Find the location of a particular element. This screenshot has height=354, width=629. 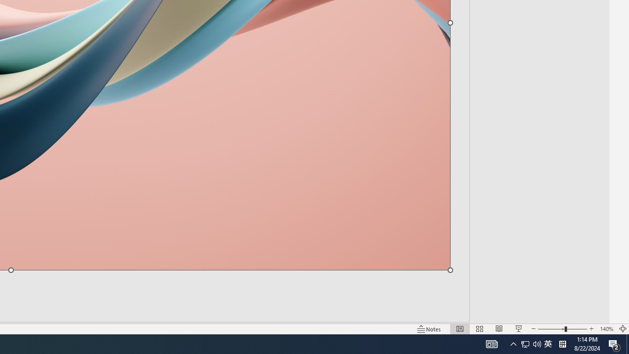

'Zoom Out' is located at coordinates (551, 329).